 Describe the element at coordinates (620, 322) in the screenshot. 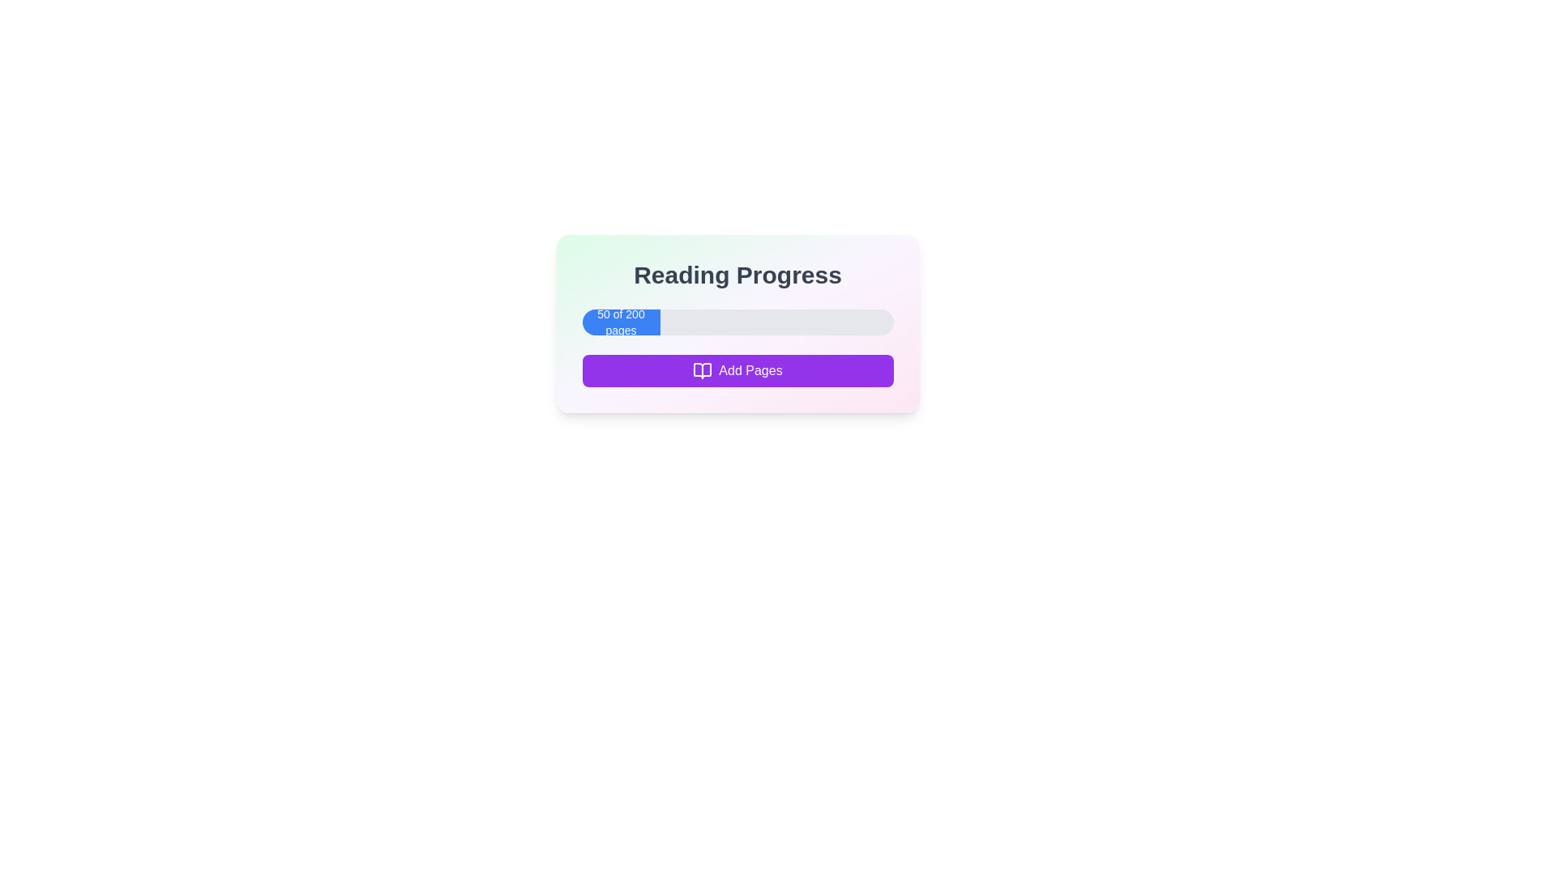

I see `the Progress indicator that visually indicates the reading progress, which shows 25% completion of the progress bar` at that location.